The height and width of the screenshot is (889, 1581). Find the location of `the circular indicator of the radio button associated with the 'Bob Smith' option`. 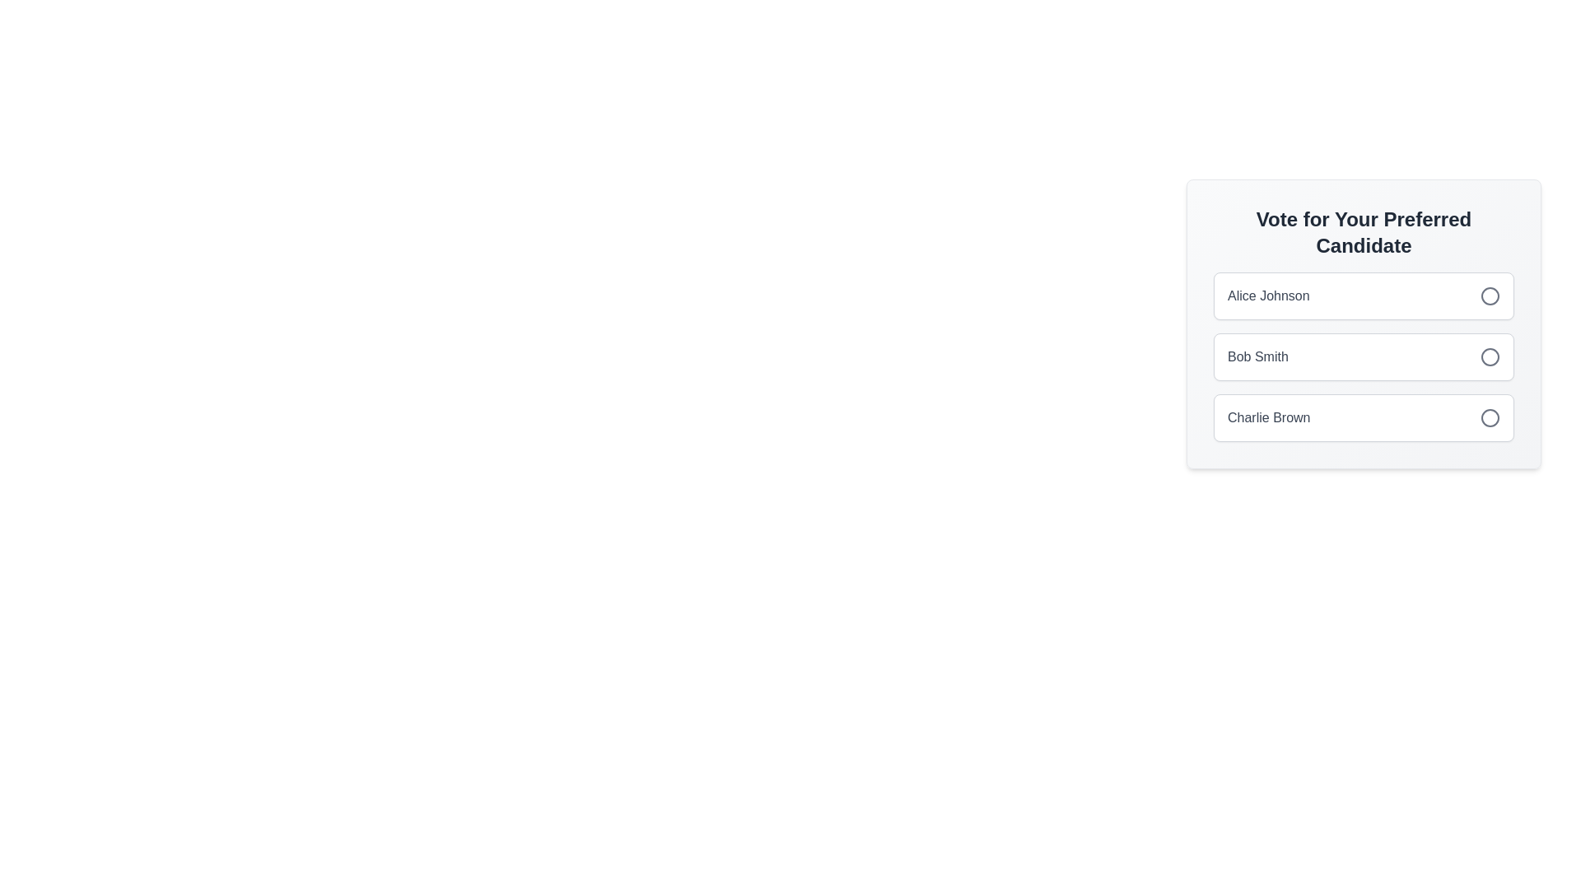

the circular indicator of the radio button associated with the 'Bob Smith' option is located at coordinates (1490, 356).